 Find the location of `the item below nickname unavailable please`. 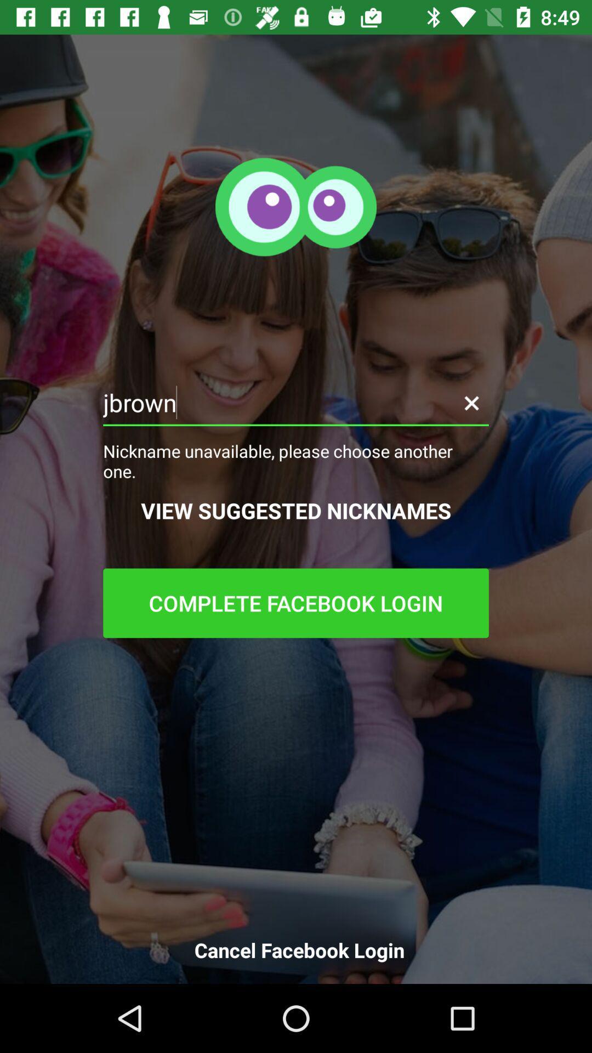

the item below nickname unavailable please is located at coordinates (296, 510).